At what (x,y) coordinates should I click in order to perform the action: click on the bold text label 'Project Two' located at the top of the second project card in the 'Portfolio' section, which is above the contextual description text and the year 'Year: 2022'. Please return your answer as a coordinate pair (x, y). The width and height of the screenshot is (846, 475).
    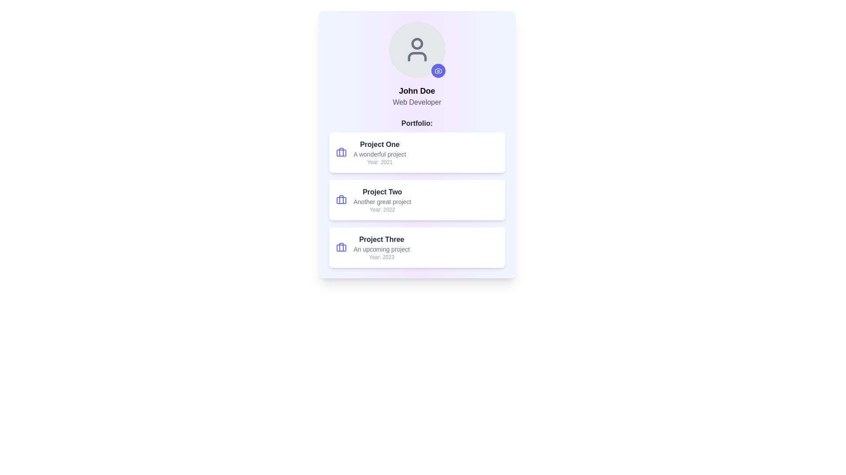
    Looking at the image, I should click on (382, 191).